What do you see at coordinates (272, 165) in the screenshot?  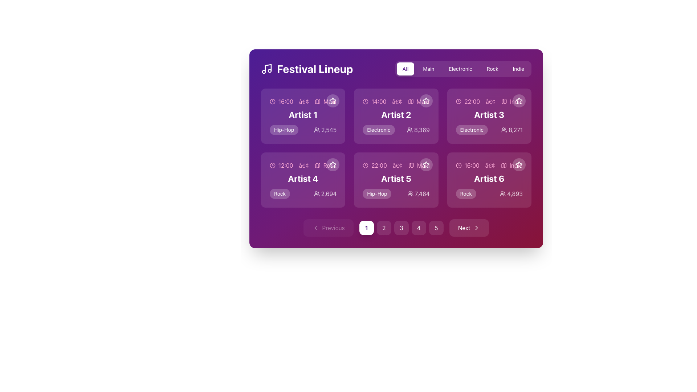 I see `the SVG graphical element (circle) that represents the outline of a clock's face in the top-left corner of the card for 'Artist 4'` at bounding box center [272, 165].